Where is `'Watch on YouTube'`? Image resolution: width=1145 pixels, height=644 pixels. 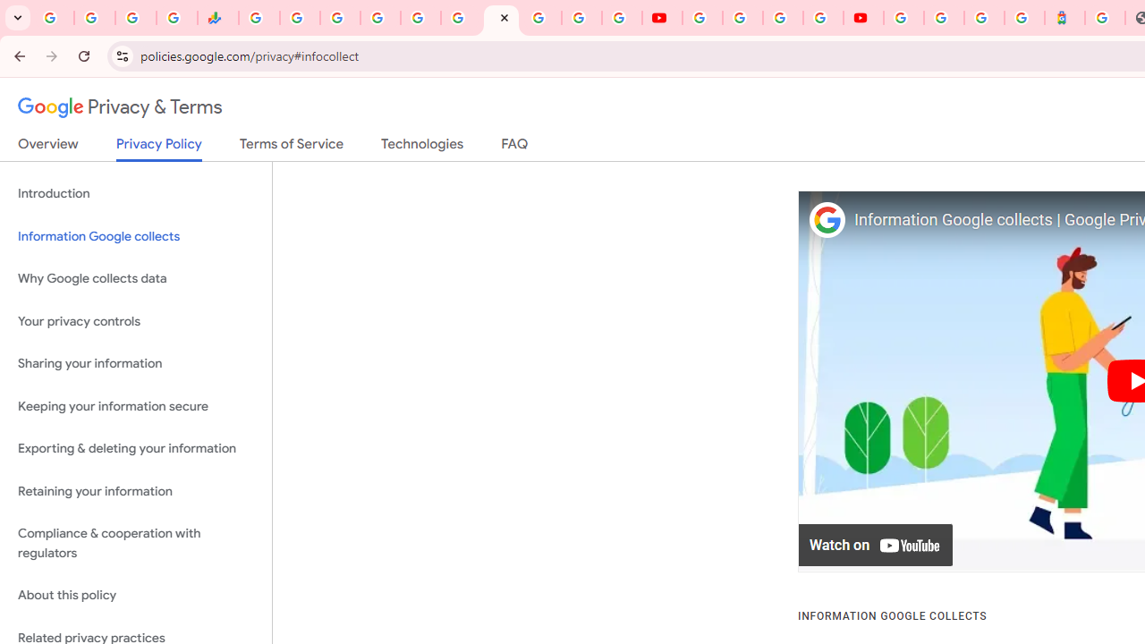 'Watch on YouTube' is located at coordinates (876, 545).